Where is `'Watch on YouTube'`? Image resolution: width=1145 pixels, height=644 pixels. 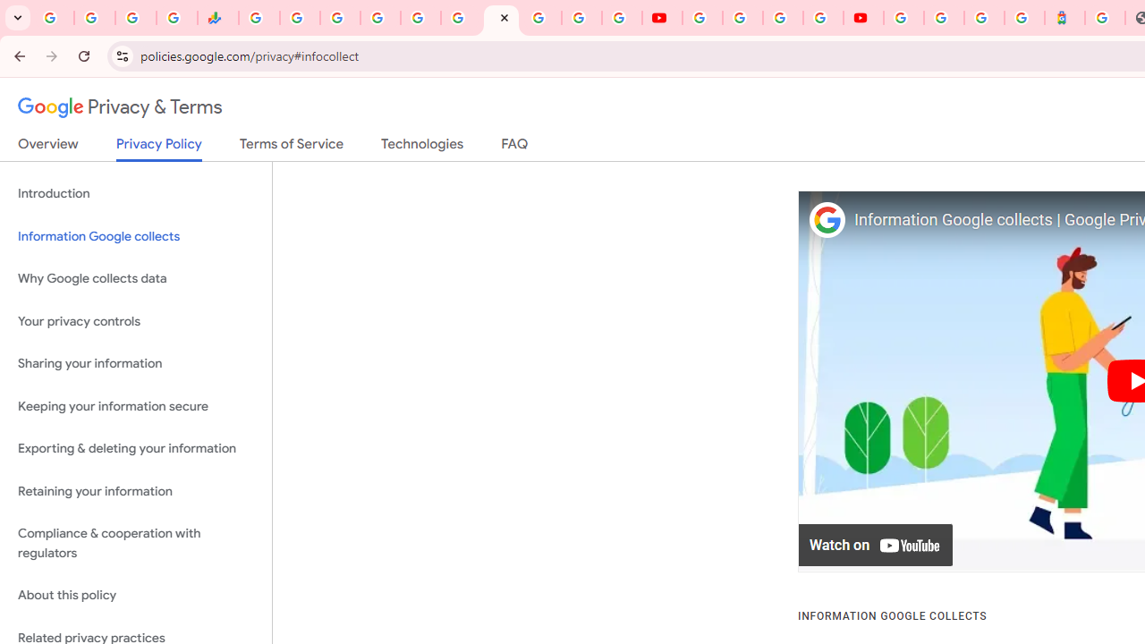 'Watch on YouTube' is located at coordinates (876, 545).